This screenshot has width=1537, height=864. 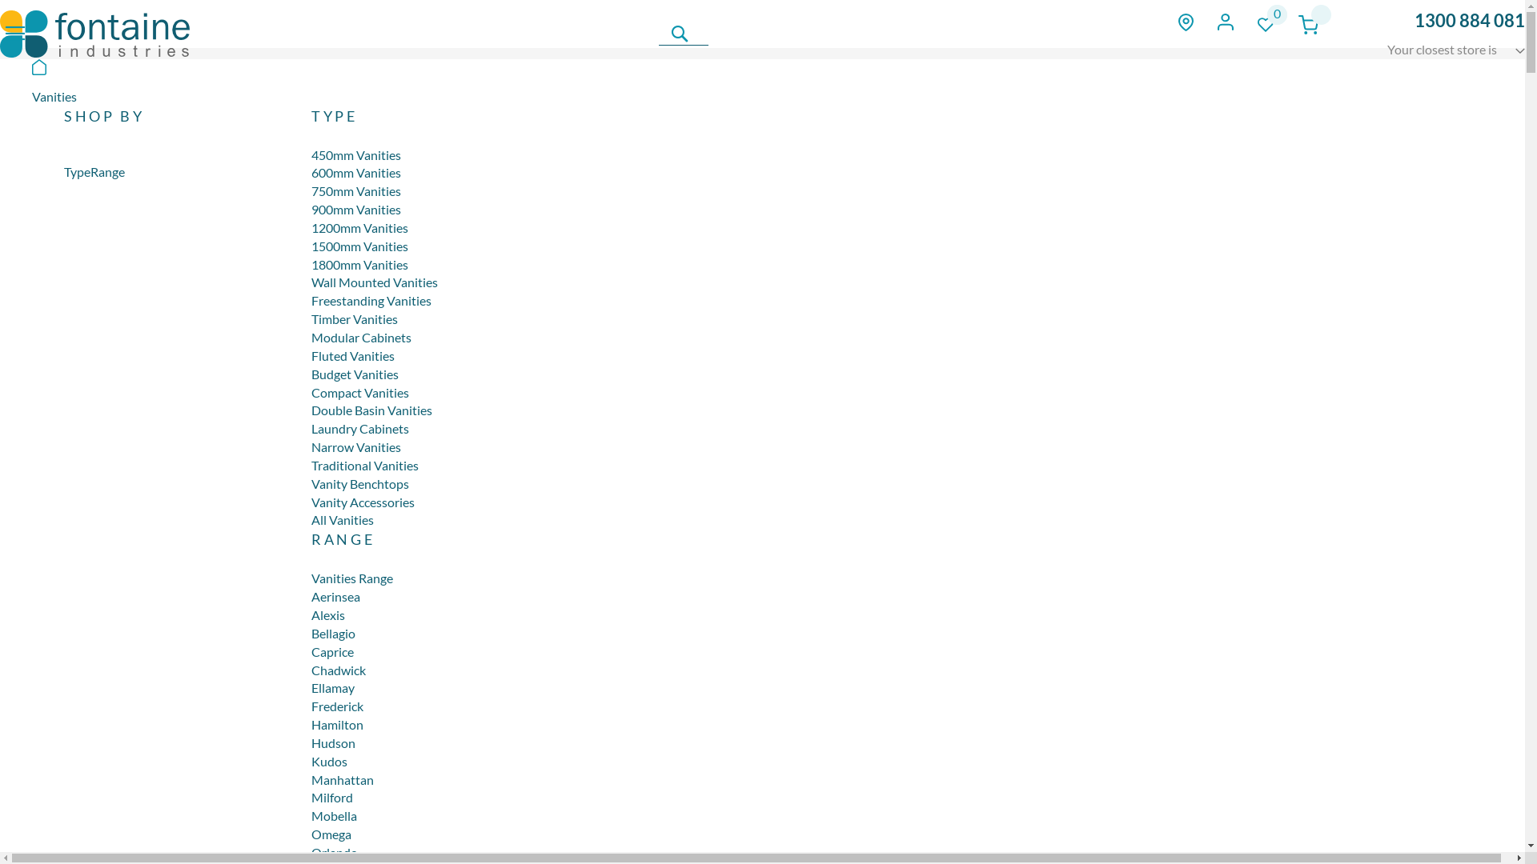 What do you see at coordinates (364, 465) in the screenshot?
I see `'Traditional Vanities'` at bounding box center [364, 465].